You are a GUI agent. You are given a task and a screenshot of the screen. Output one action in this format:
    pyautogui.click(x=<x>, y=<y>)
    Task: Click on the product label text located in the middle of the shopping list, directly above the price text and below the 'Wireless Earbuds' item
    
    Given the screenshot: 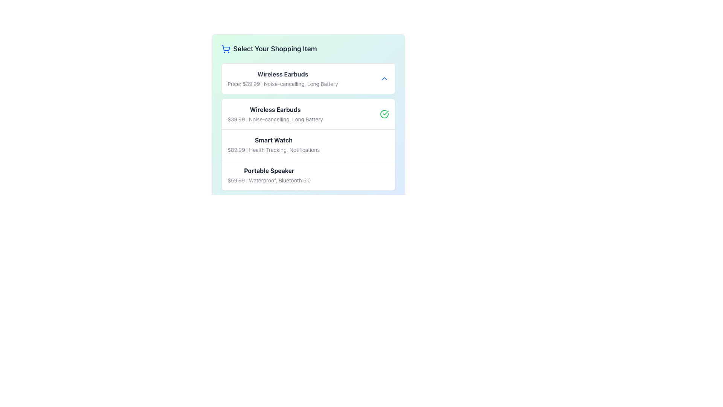 What is the action you would take?
    pyautogui.click(x=273, y=140)
    